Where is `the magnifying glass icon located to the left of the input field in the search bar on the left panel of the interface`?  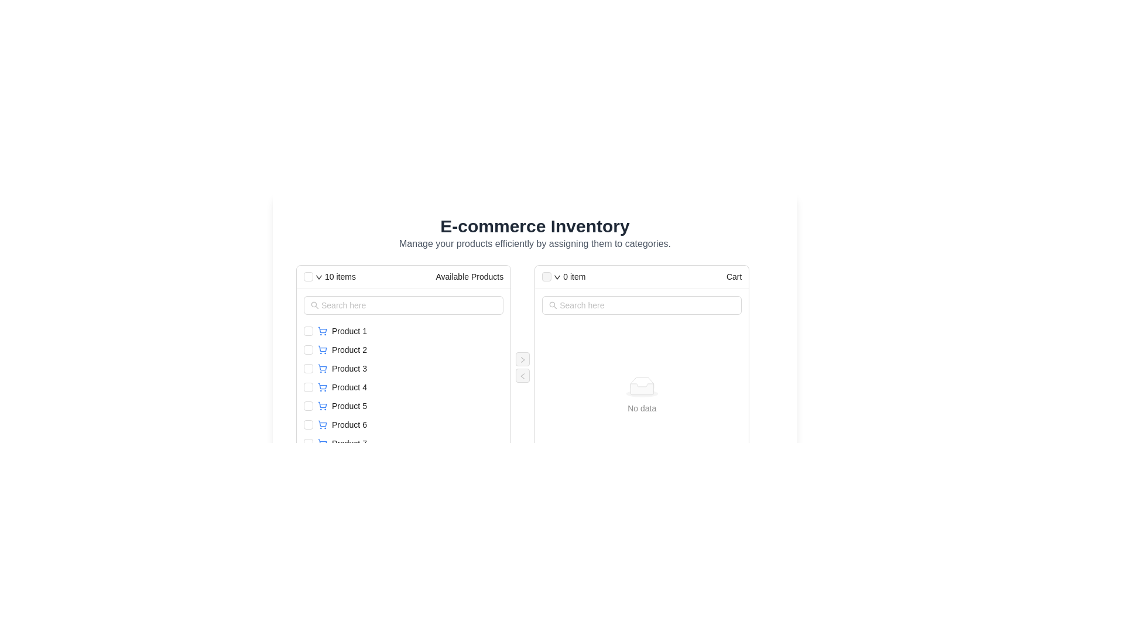 the magnifying glass icon located to the left of the input field in the search bar on the left panel of the interface is located at coordinates (314, 304).